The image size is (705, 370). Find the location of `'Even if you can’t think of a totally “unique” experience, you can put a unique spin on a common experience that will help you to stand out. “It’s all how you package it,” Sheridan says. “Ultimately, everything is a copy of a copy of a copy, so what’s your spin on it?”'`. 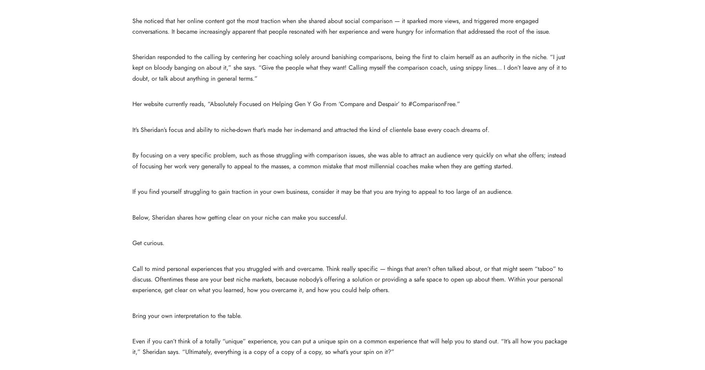

'Even if you can’t think of a totally “unique” experience, you can put a unique spin on a common experience that will help you to stand out. “It’s all how you package it,” Sheridan says. “Ultimately, everything is a copy of a copy of a copy, so what’s your spin on it?”' is located at coordinates (349, 346).